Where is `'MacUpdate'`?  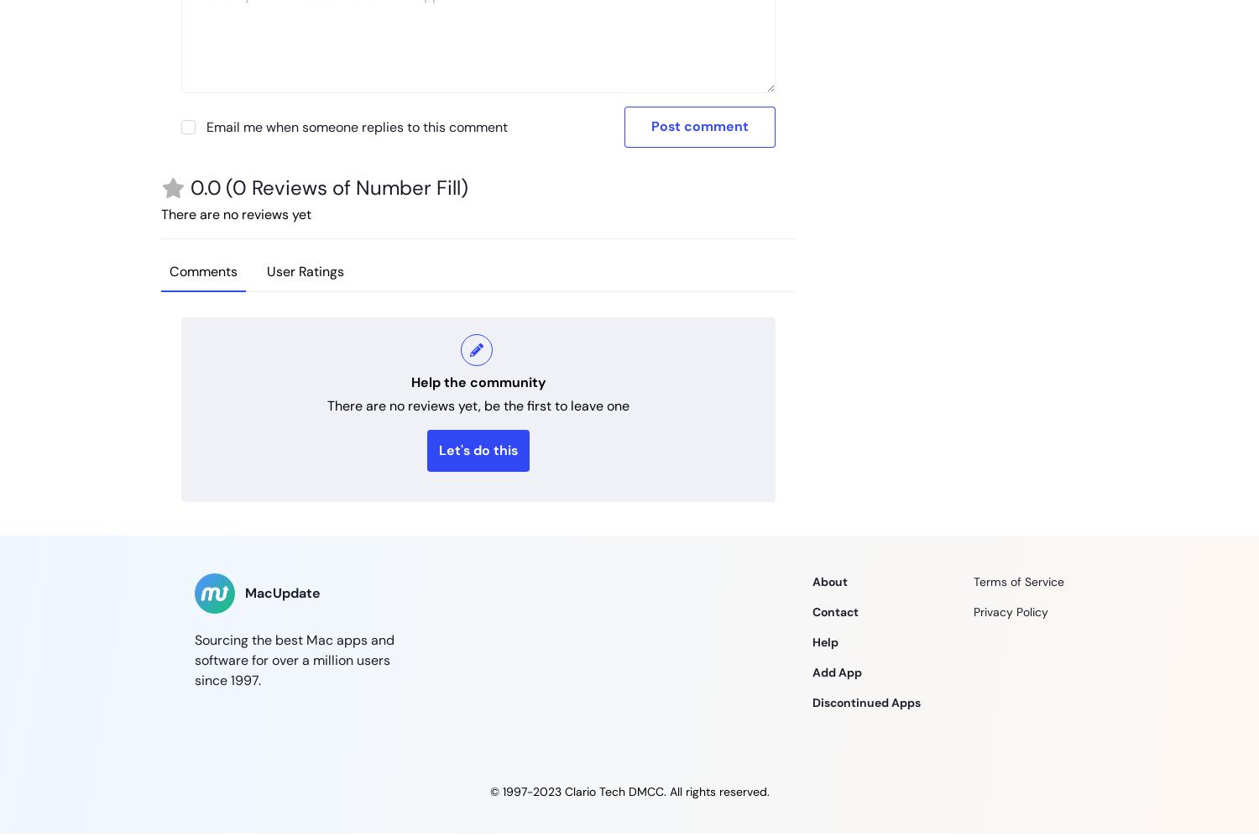
'MacUpdate' is located at coordinates (282, 592).